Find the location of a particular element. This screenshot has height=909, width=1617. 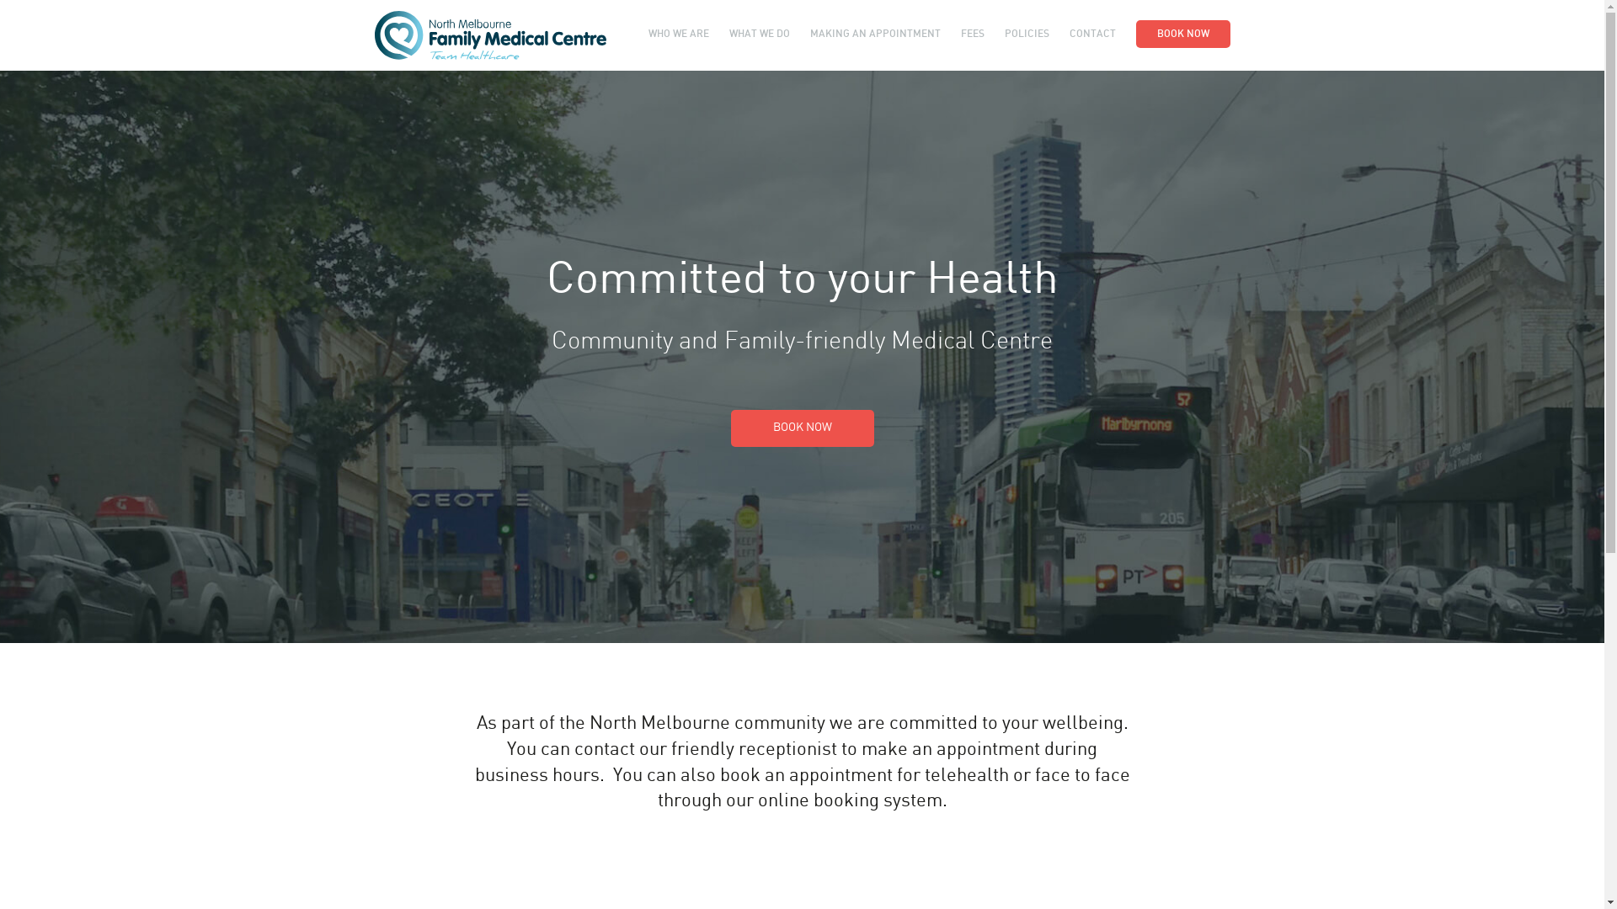

'BOOK NOW' is located at coordinates (802, 428).